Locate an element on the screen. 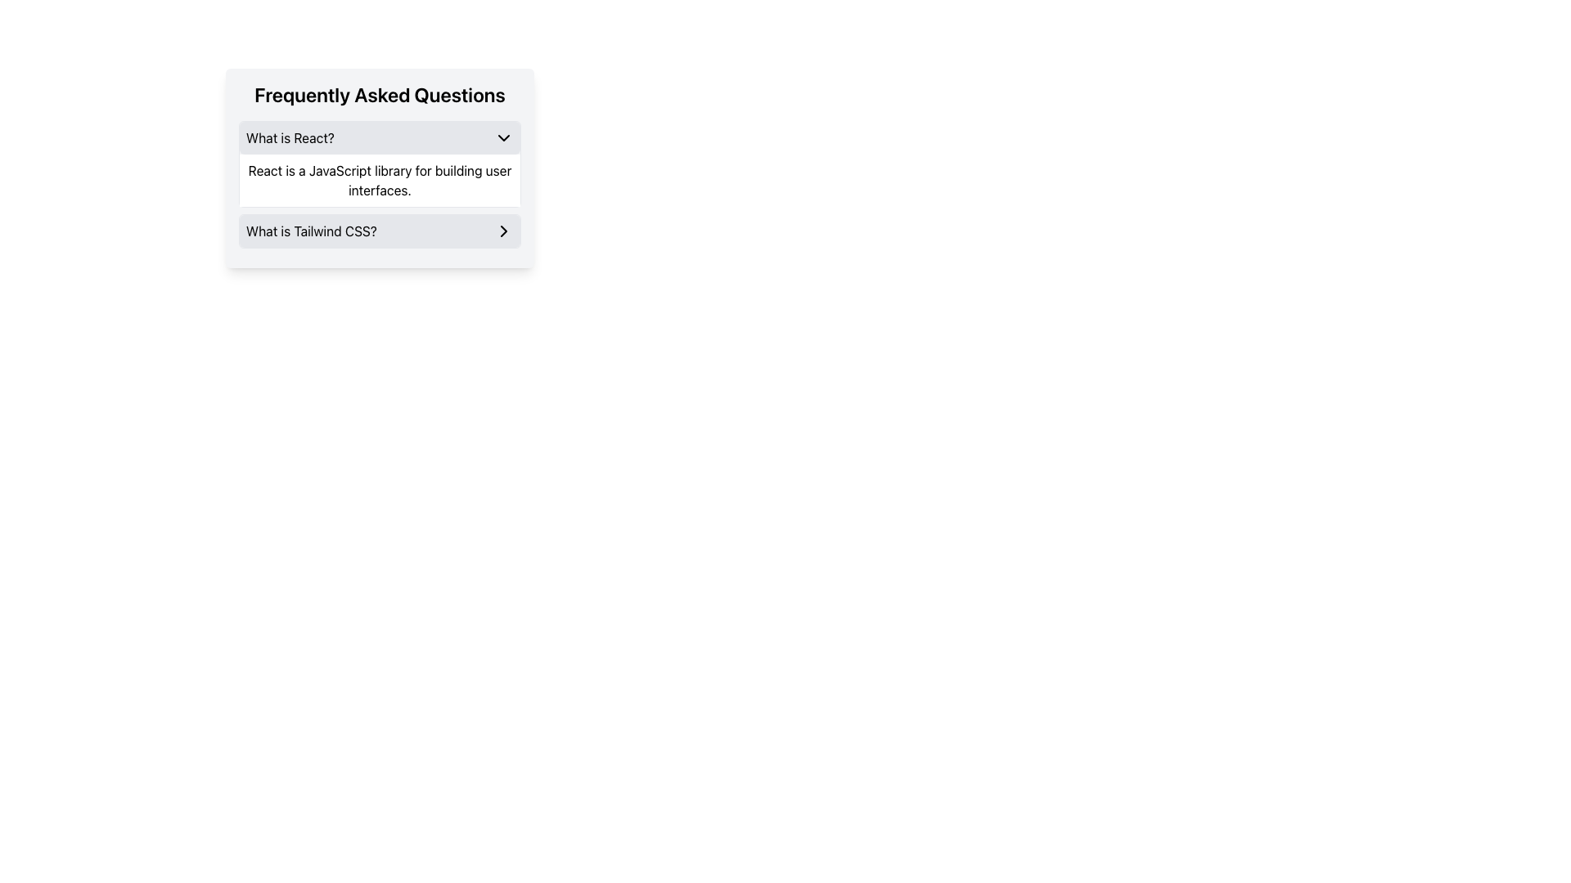  the text label displaying the question 'What is Tailwind CSS?' in the FAQs list, located in the second question row is located at coordinates (311, 231).